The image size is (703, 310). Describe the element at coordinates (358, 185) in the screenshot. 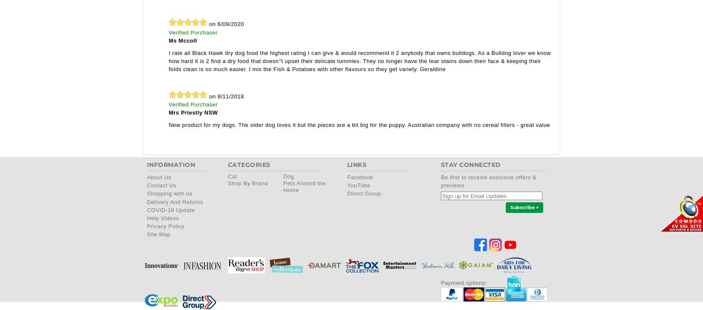

I see `'YouTube'` at that location.